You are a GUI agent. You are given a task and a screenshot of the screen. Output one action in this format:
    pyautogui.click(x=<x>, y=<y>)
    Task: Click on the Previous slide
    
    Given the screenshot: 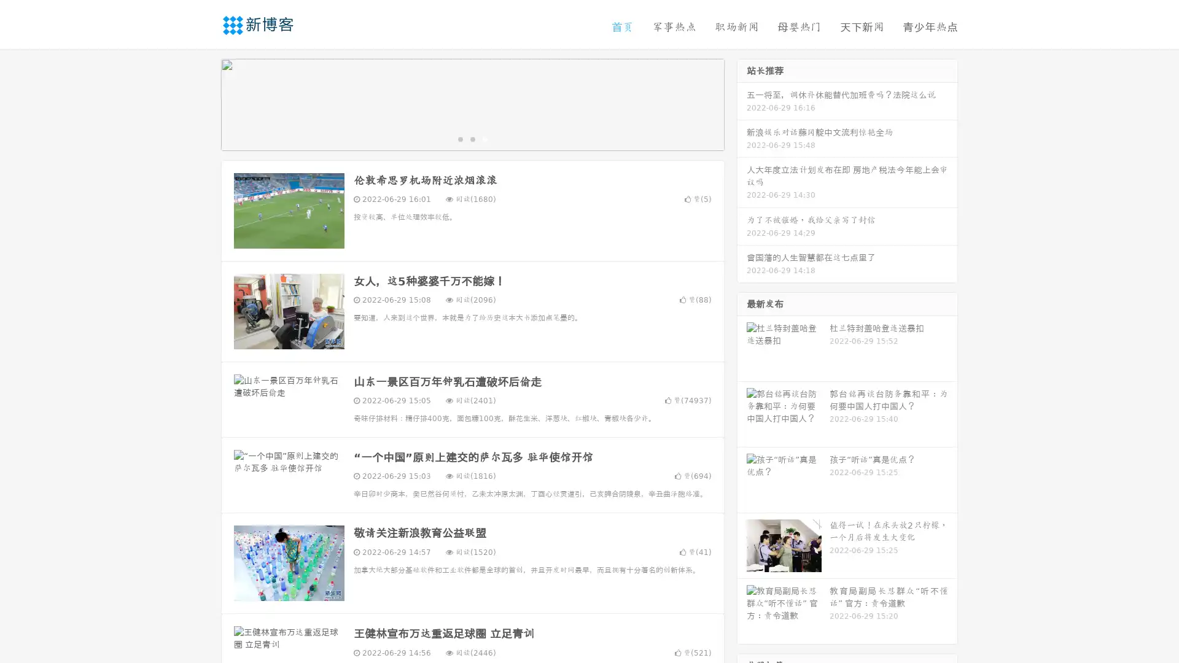 What is the action you would take?
    pyautogui.click(x=203, y=103)
    